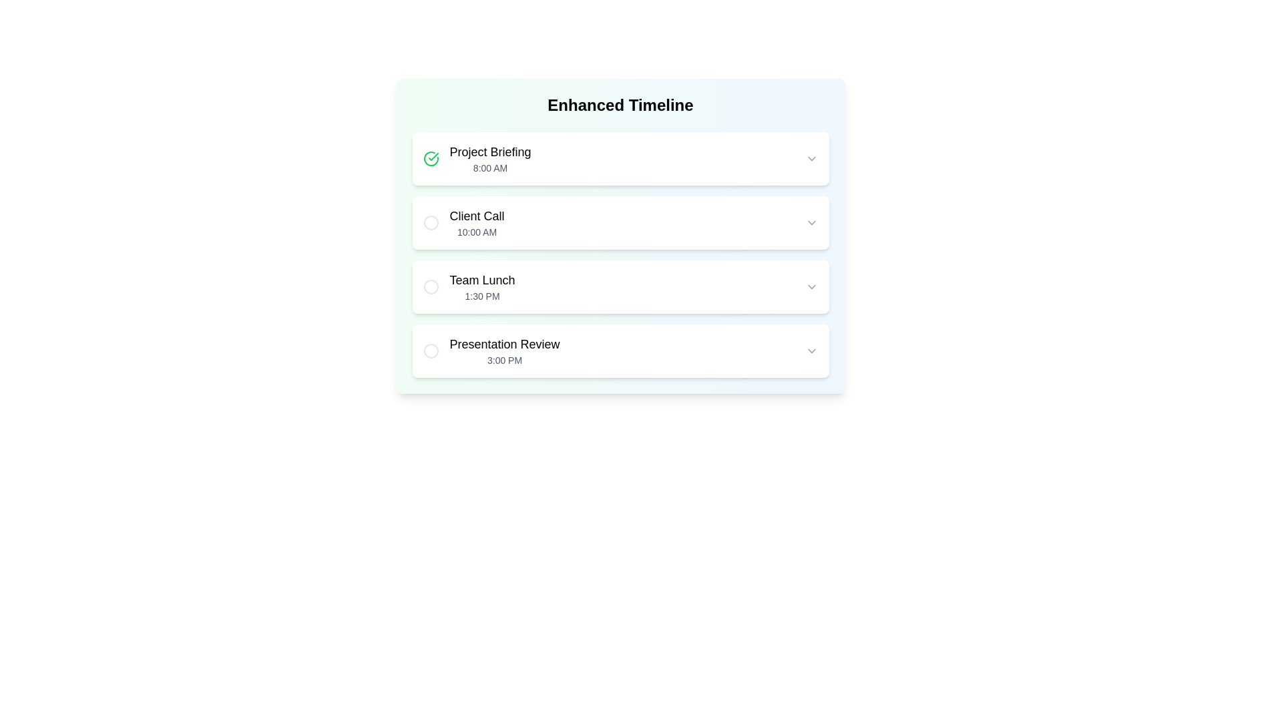 The height and width of the screenshot is (721, 1282). What do you see at coordinates (620, 222) in the screenshot?
I see `the 'Client Call' timeline entry scheduled for '10:00 AM'` at bounding box center [620, 222].